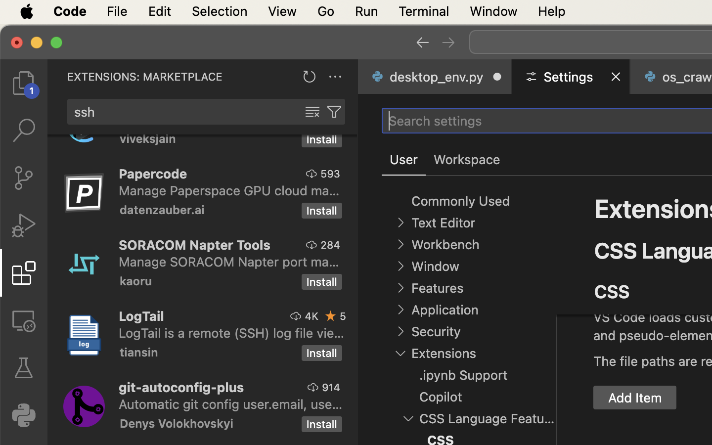  Describe the element at coordinates (23, 225) in the screenshot. I see `'0 '` at that location.